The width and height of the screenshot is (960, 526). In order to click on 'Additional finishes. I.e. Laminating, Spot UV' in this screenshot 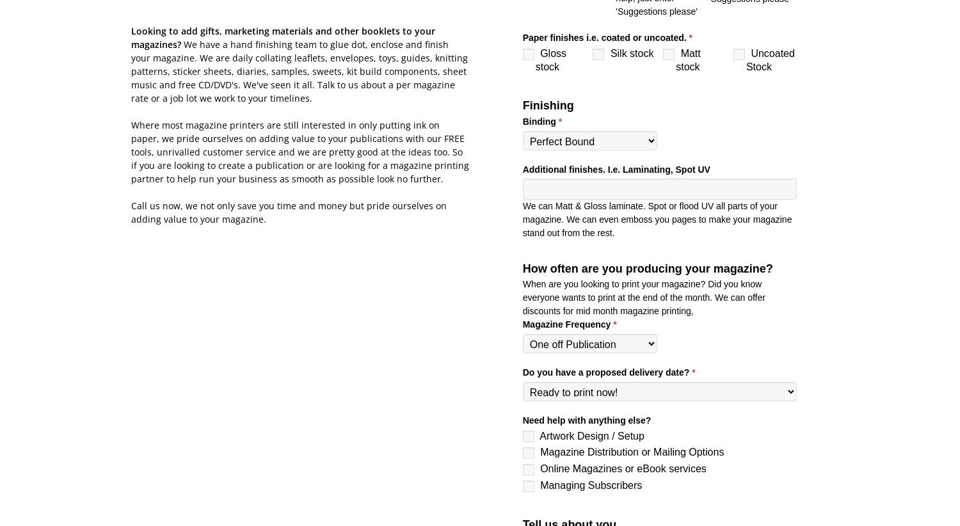, I will do `click(522, 168)`.